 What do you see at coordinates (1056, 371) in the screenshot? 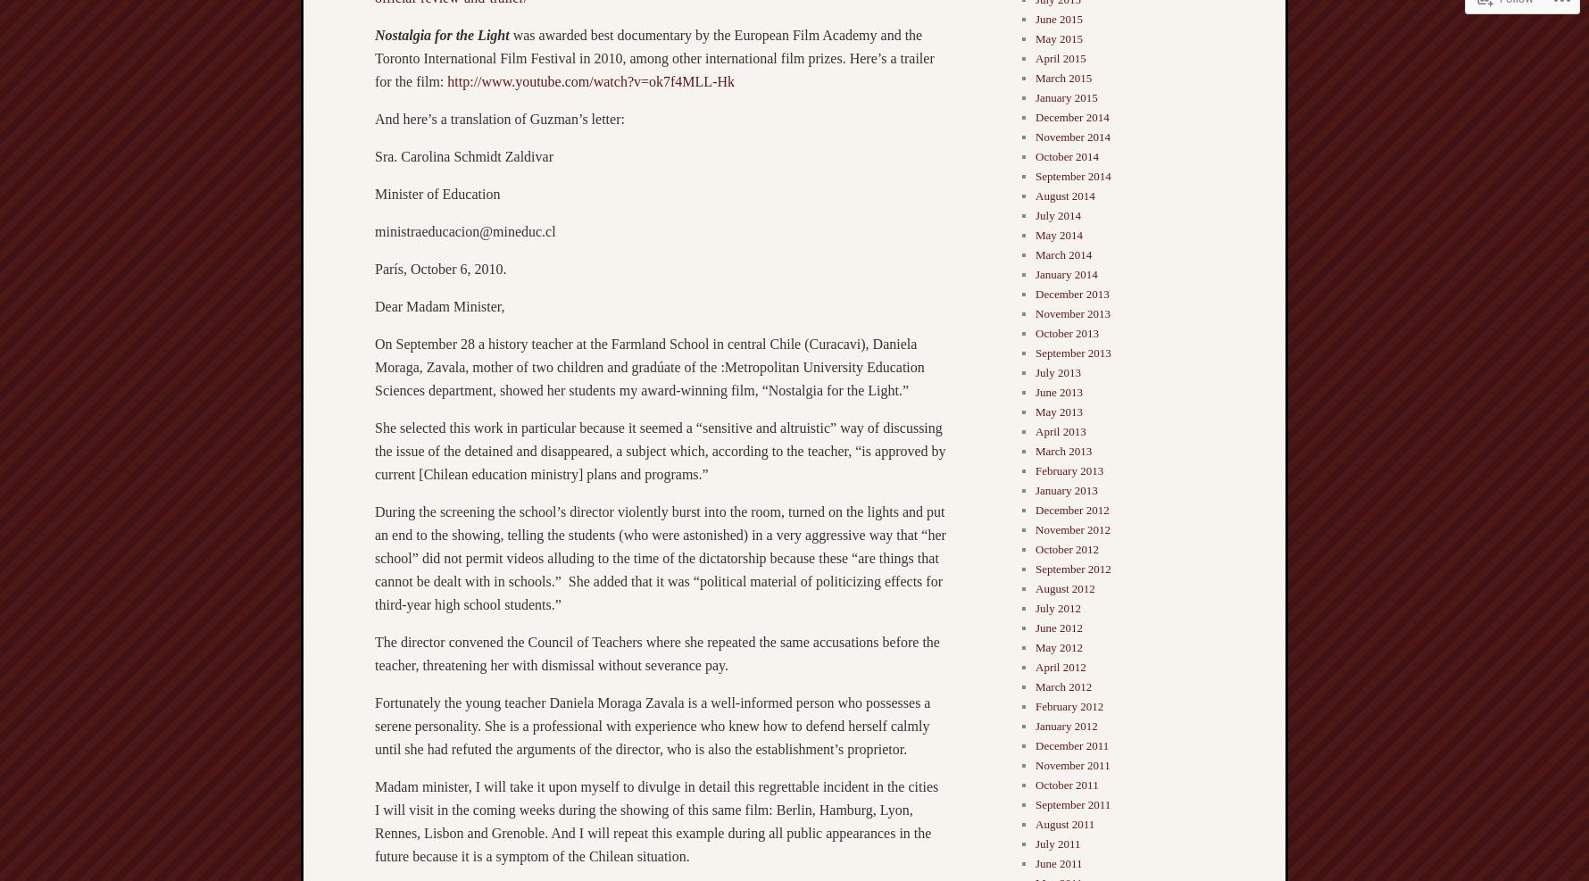
I see `'July 2013'` at bounding box center [1056, 371].